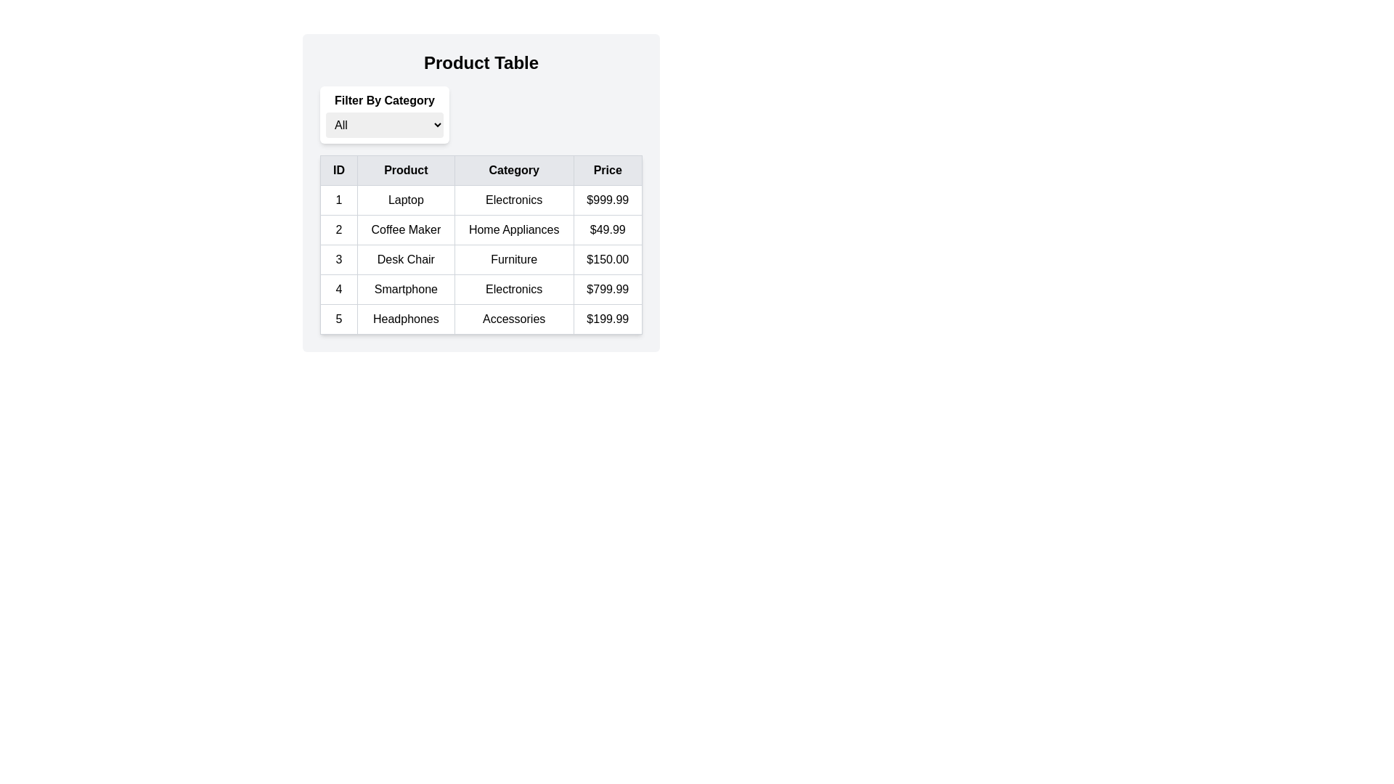  What do you see at coordinates (384, 114) in the screenshot?
I see `the dropdown menu located above the table in the 'Product Table' section` at bounding box center [384, 114].